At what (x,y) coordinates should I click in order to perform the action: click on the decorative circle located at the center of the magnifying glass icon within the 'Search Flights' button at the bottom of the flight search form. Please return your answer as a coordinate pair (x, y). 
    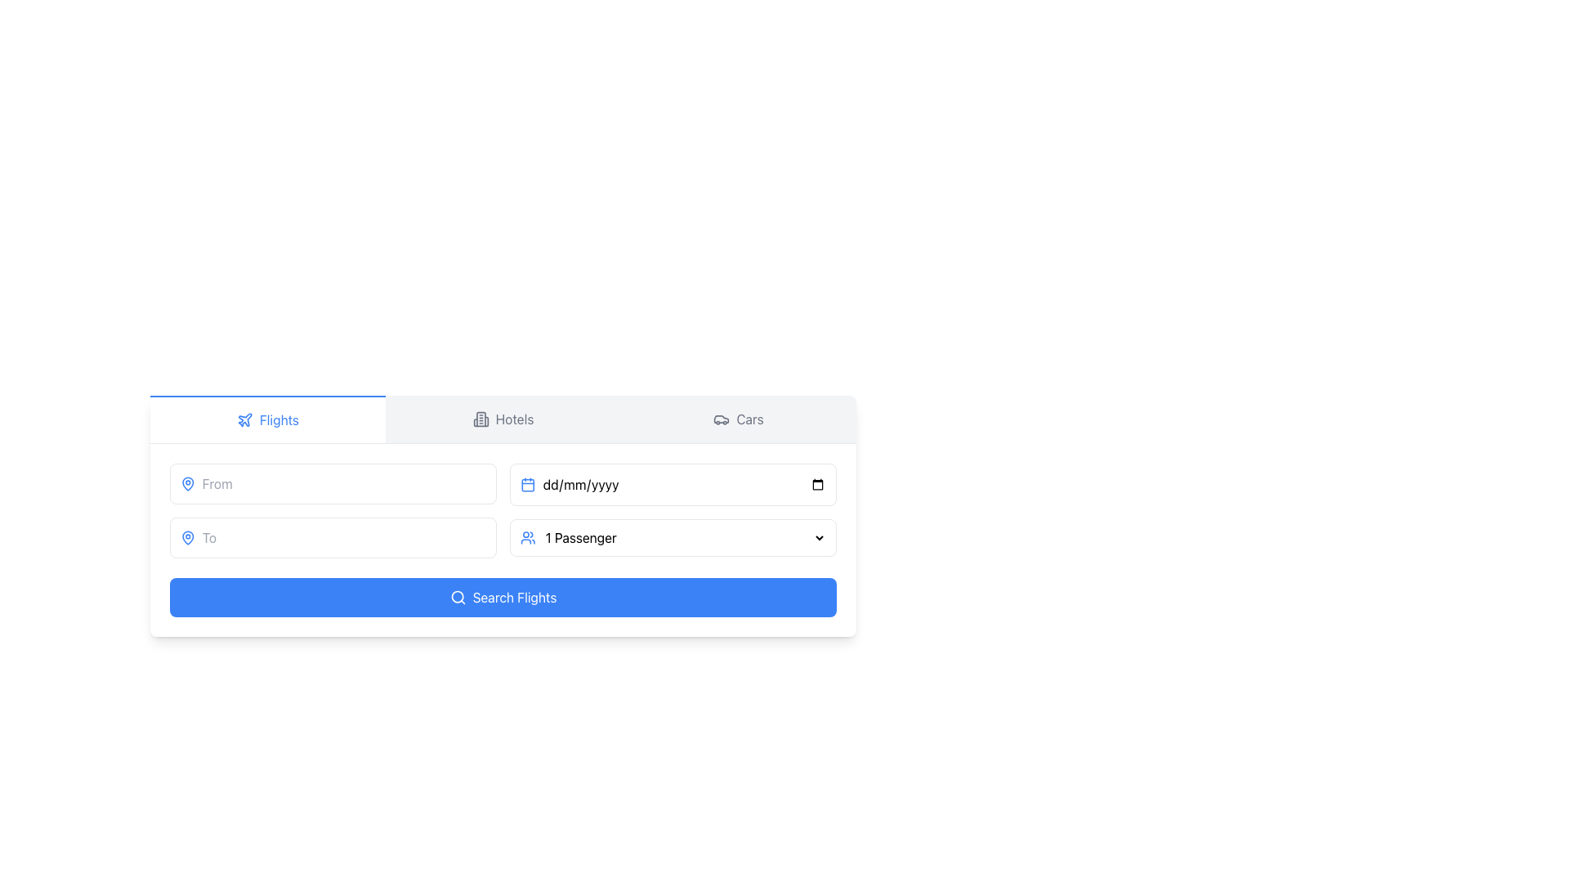
    Looking at the image, I should click on (457, 597).